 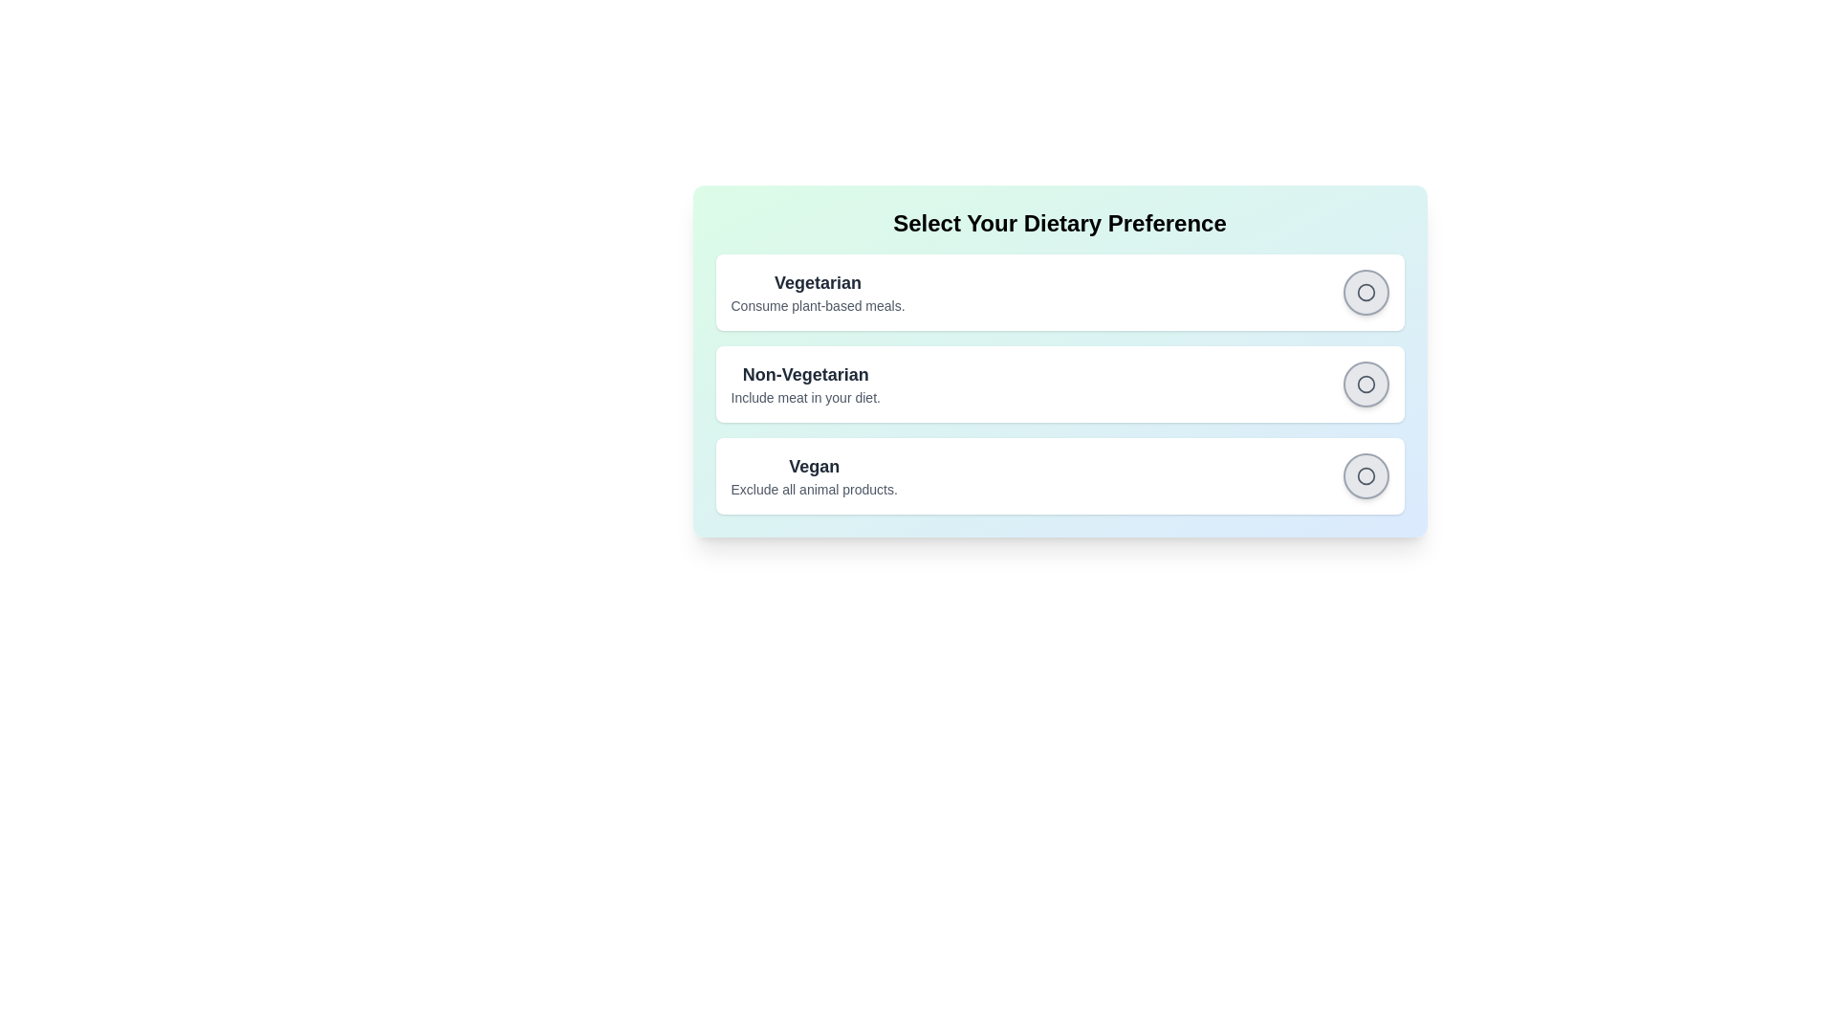 I want to click on the 'Vegan' text label, which displays 'Vegan' in bold black font and 'Exclude all animal products.' in smaller gray font beneath it, located under the 'Select Your Dietary Preference' section, so click(x=814, y=474).